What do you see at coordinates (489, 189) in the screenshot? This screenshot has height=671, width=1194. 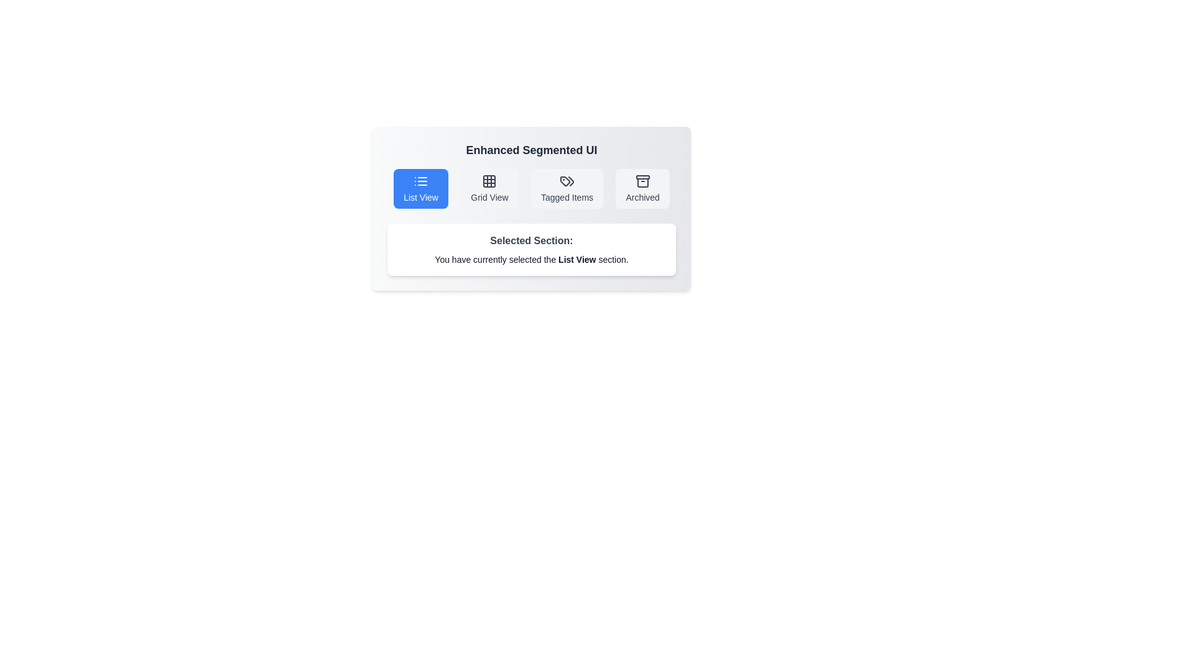 I see `the 'Grid View' button, which is a rectangular button with a light gray background, rounded corners, and contains a grid icon above the text 'Grid View'` at bounding box center [489, 189].